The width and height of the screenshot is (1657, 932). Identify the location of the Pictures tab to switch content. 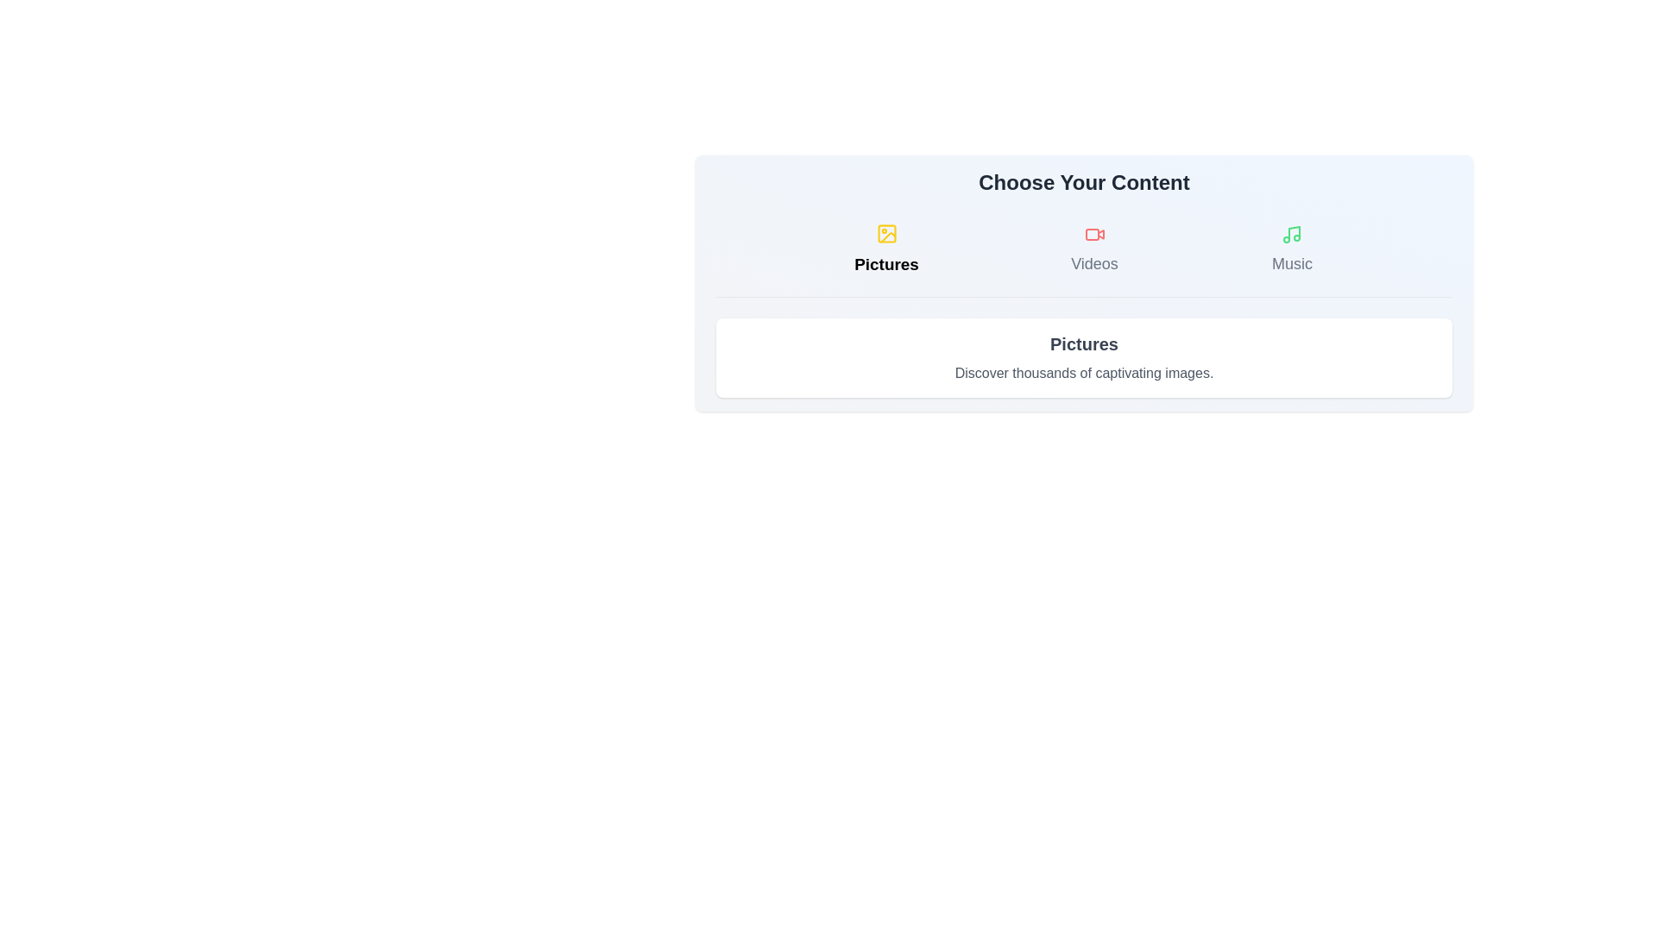
(886, 249).